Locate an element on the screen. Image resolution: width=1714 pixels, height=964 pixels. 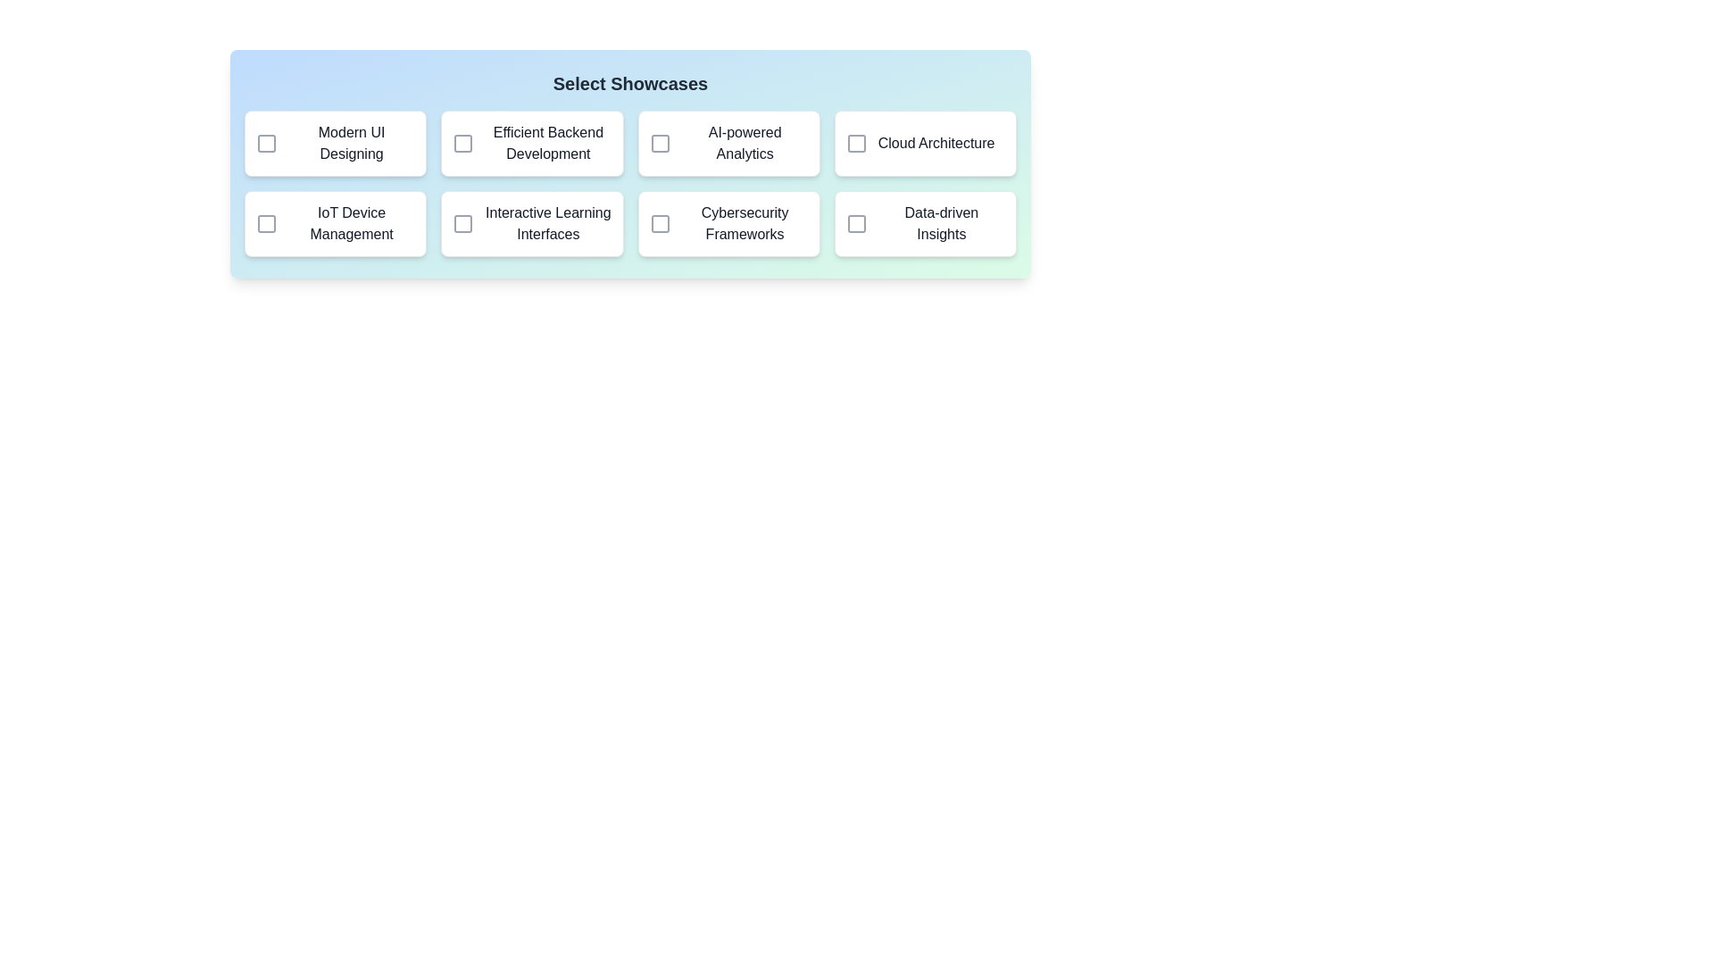
the showcase corresponding to Data-driven Insights is located at coordinates (855, 222).